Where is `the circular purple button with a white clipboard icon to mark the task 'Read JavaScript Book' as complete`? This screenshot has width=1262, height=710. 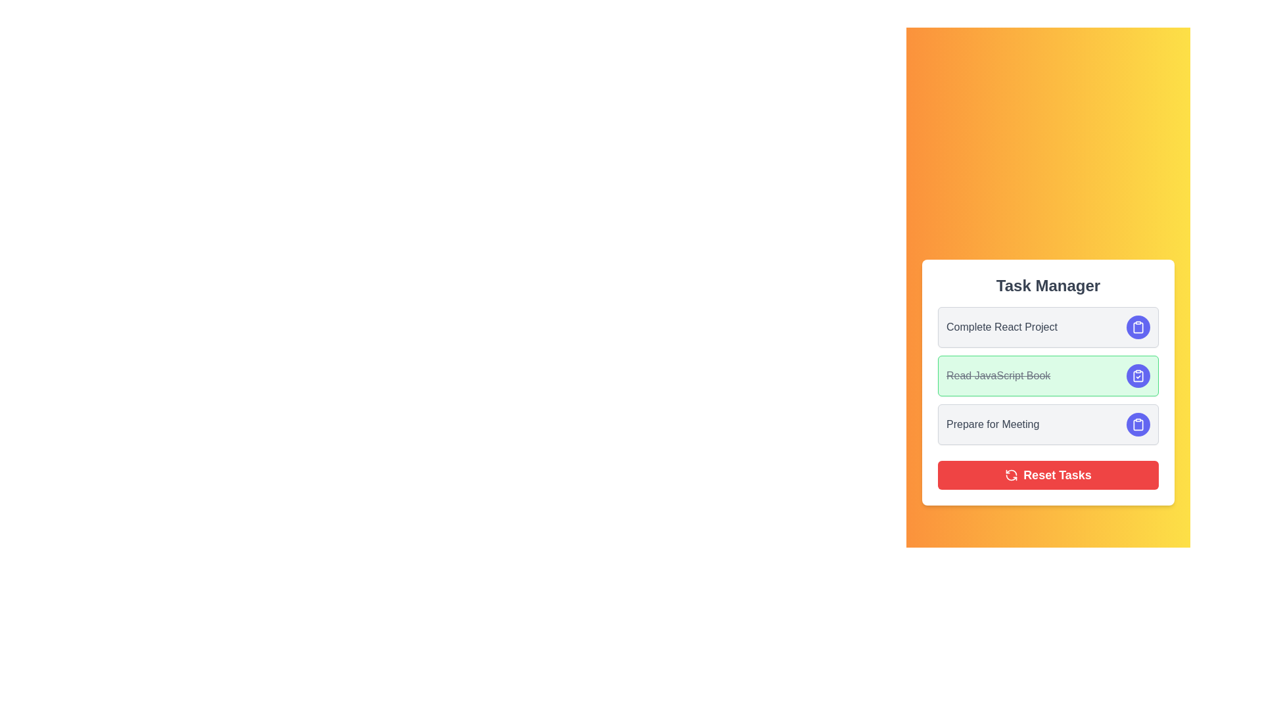
the circular purple button with a white clipboard icon to mark the task 'Read JavaScript Book' as complete is located at coordinates (1138, 375).